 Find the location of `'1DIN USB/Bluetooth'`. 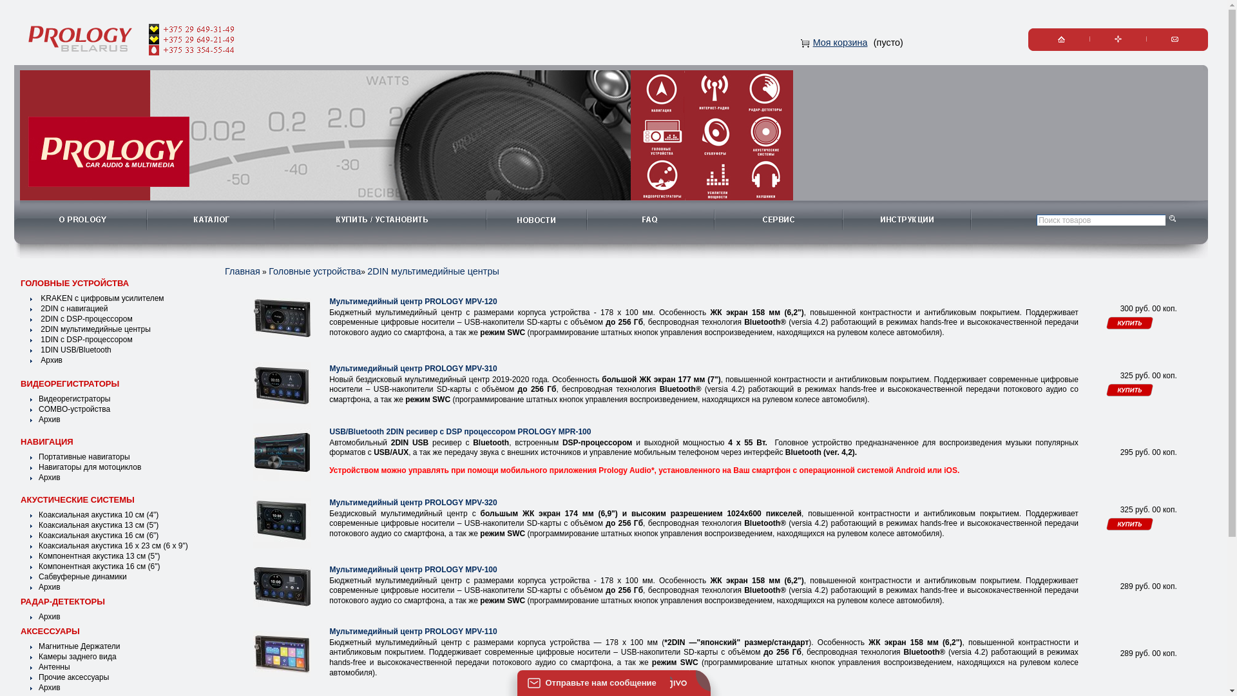

'1DIN USB/Bluetooth' is located at coordinates (74, 350).